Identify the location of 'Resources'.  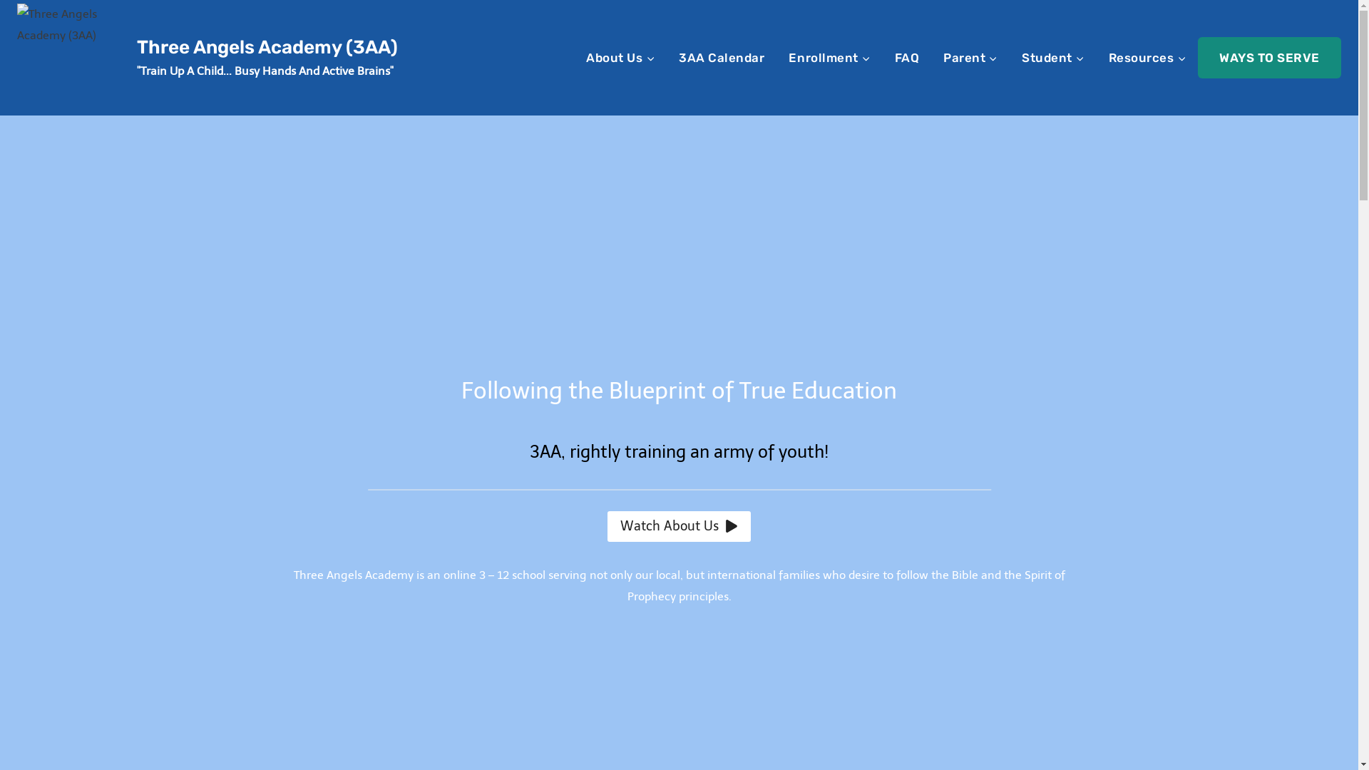
(1147, 56).